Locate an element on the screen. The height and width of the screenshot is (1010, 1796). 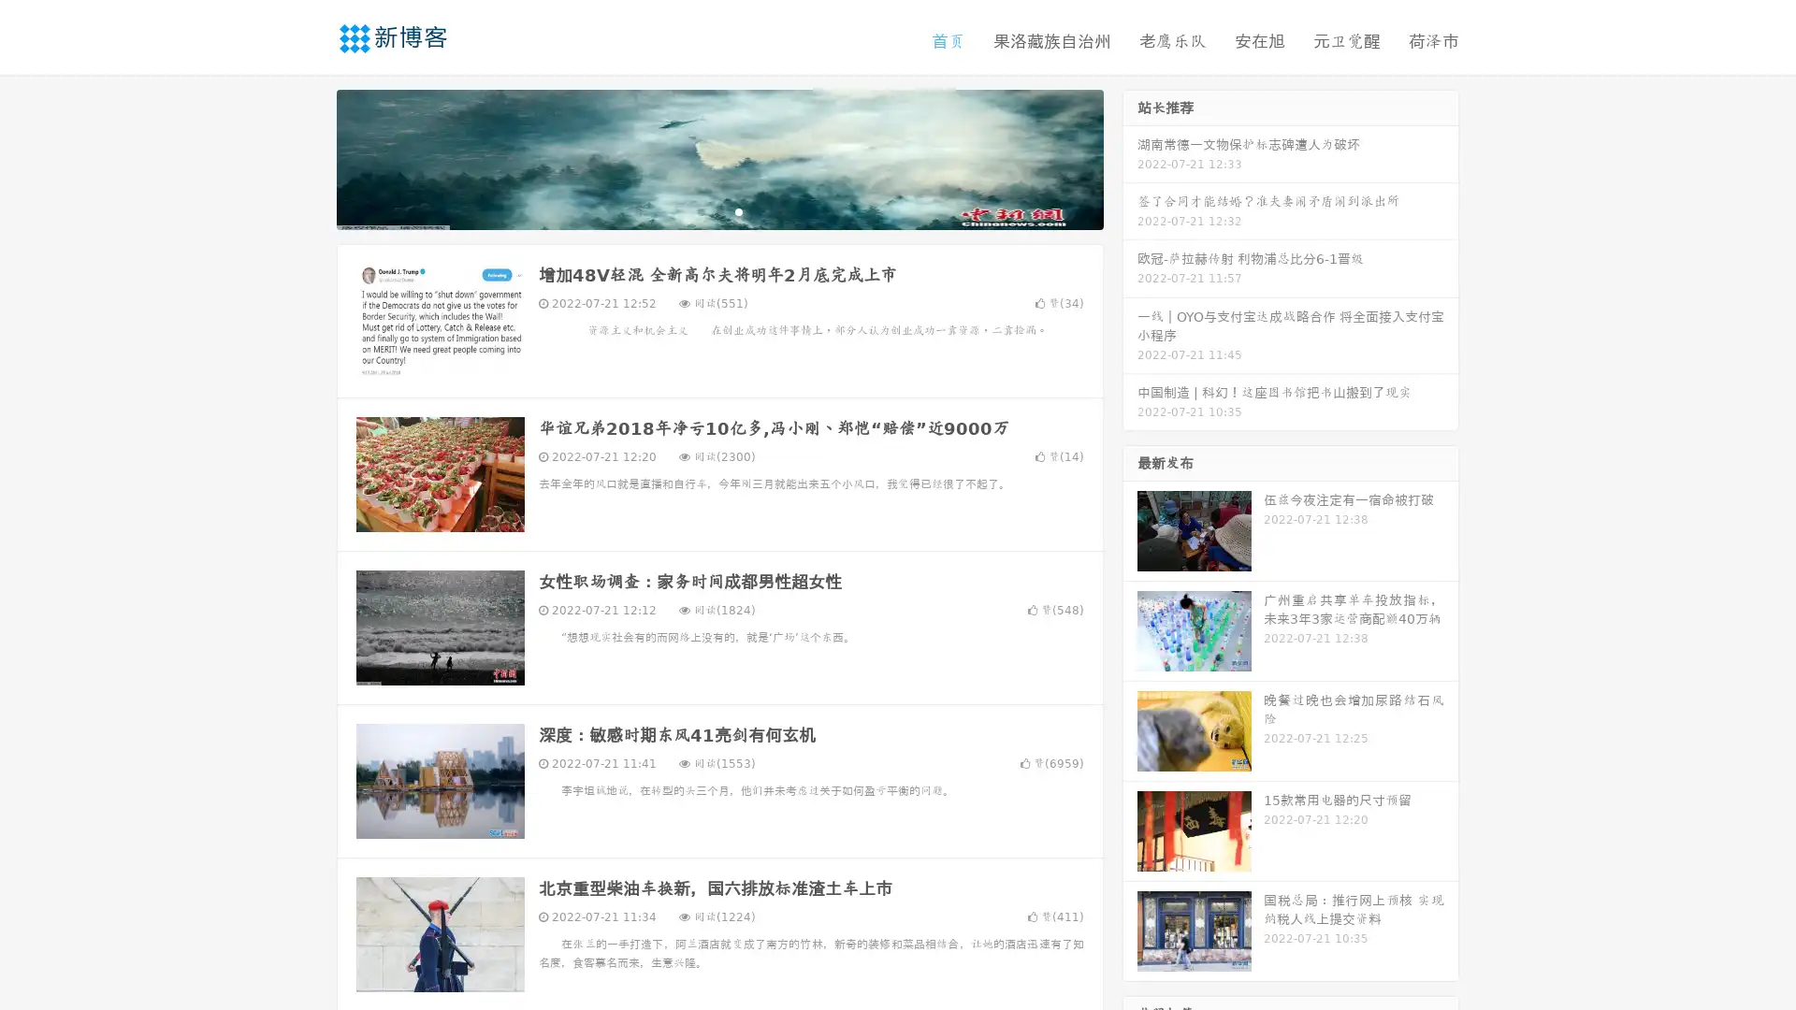
Next slide is located at coordinates (1130, 157).